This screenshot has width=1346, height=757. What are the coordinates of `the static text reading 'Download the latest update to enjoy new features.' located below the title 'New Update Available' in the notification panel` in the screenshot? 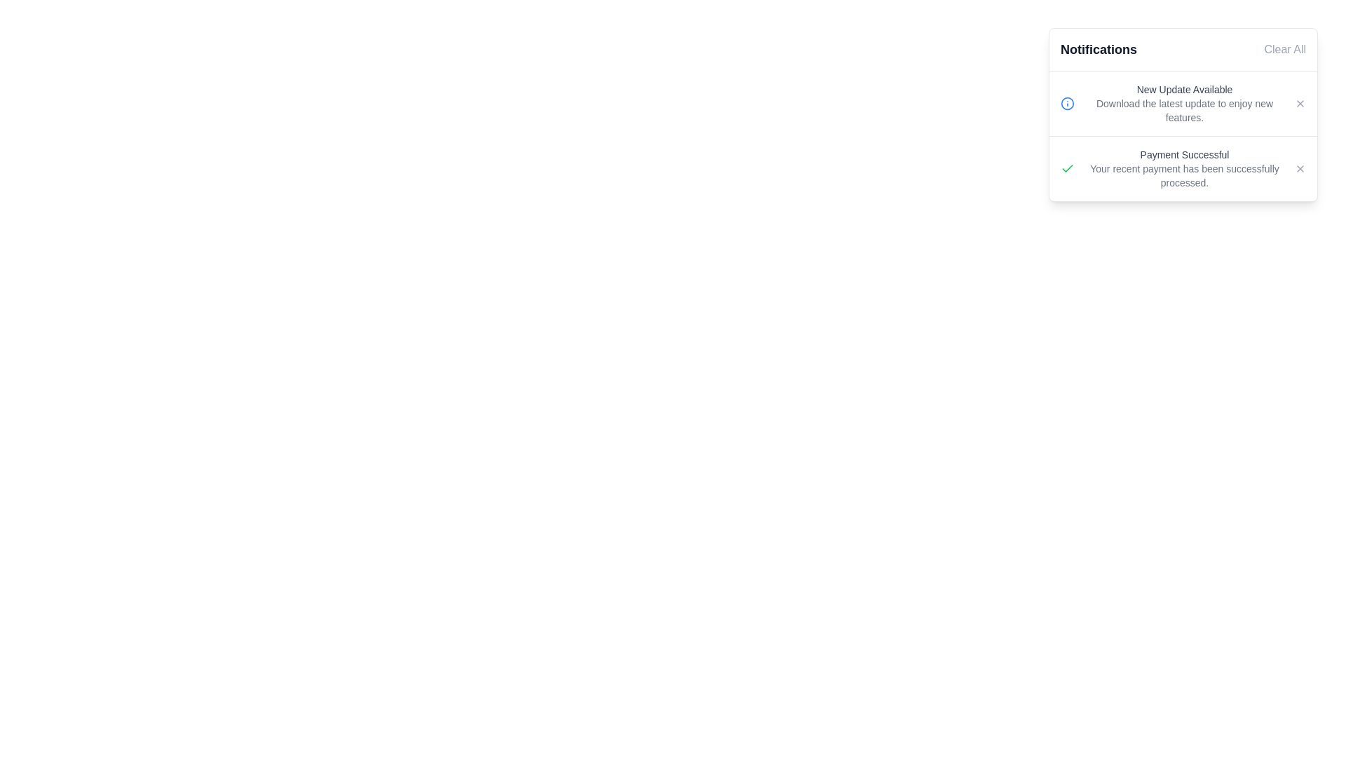 It's located at (1183, 110).